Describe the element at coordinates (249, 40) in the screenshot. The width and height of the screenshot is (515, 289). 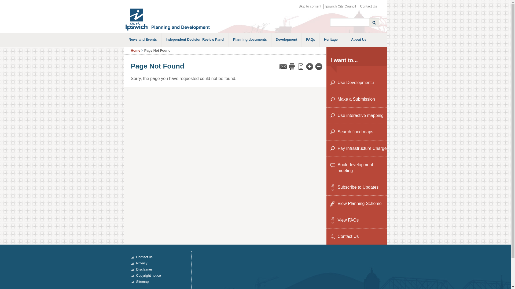
I see `'Planning documents'` at that location.